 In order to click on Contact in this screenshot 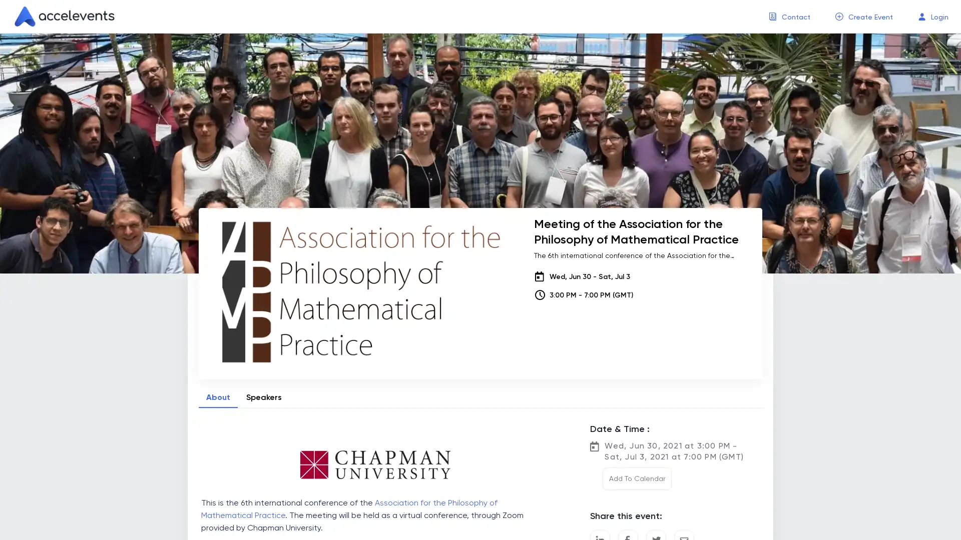, I will do `click(795, 17)`.